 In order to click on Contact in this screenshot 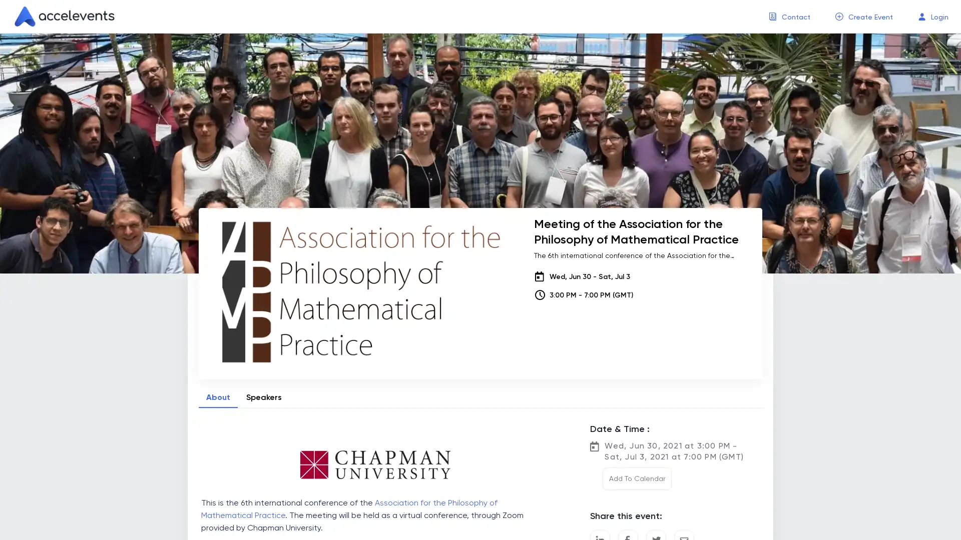, I will do `click(795, 17)`.